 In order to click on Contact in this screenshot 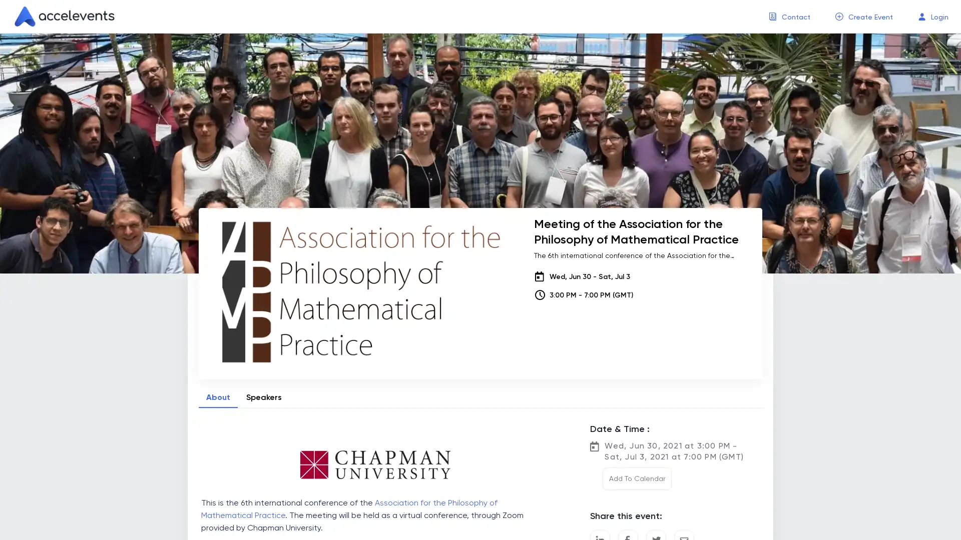, I will do `click(795, 17)`.